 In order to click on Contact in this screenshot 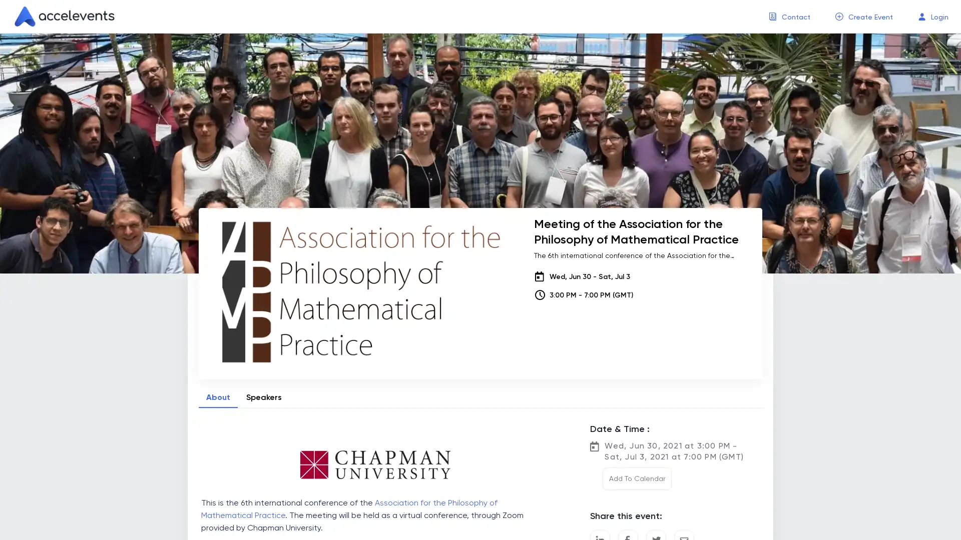, I will do `click(795, 17)`.